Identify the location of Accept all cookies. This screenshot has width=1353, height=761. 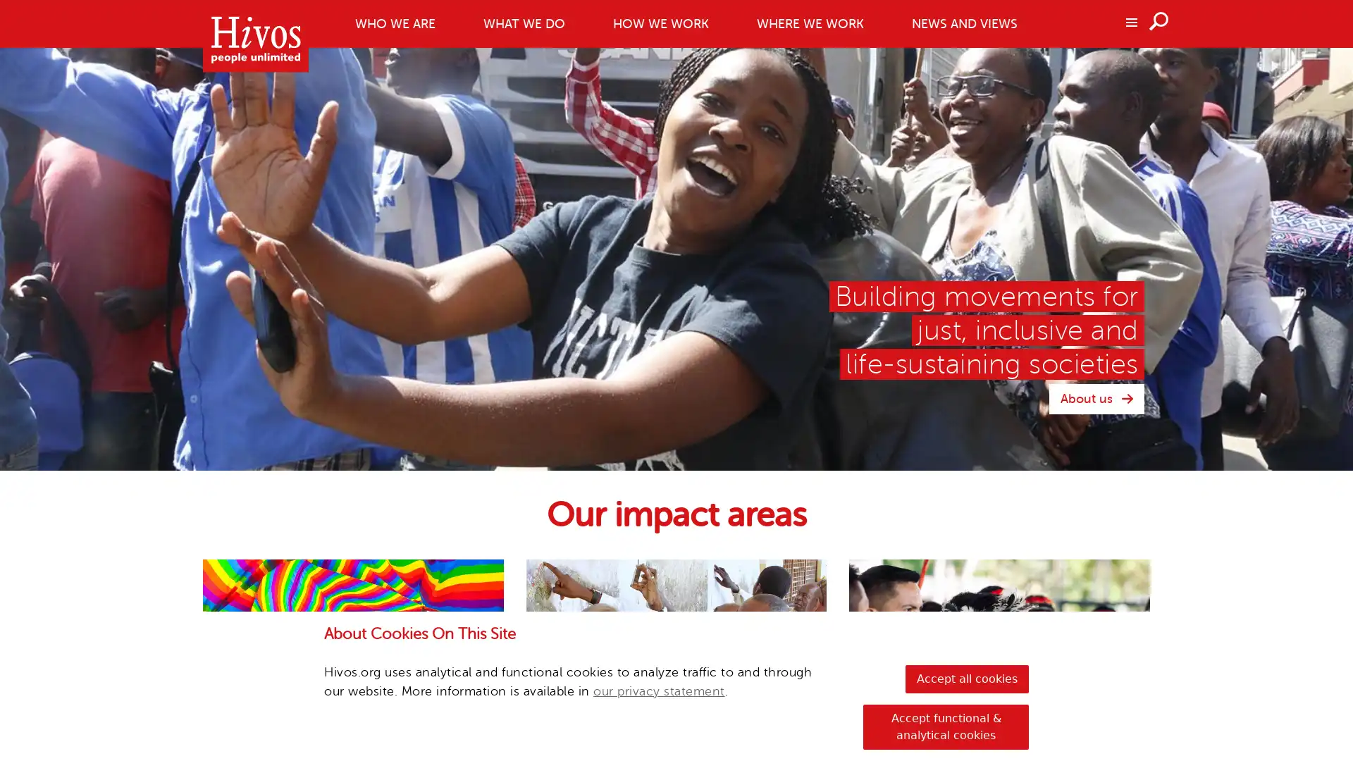
(966, 679).